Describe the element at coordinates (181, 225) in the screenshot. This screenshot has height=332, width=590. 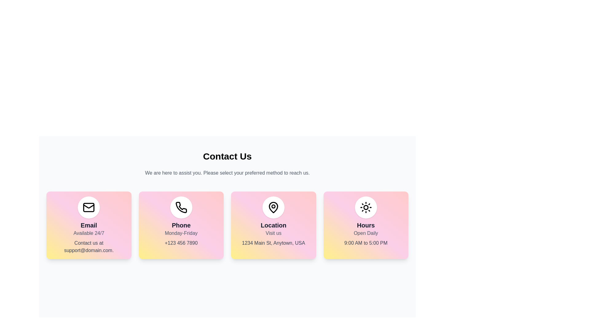
I see `label displaying the word 'Phone' which is styled in bold and large letters, located in the second box from the left in the contact options row` at that location.